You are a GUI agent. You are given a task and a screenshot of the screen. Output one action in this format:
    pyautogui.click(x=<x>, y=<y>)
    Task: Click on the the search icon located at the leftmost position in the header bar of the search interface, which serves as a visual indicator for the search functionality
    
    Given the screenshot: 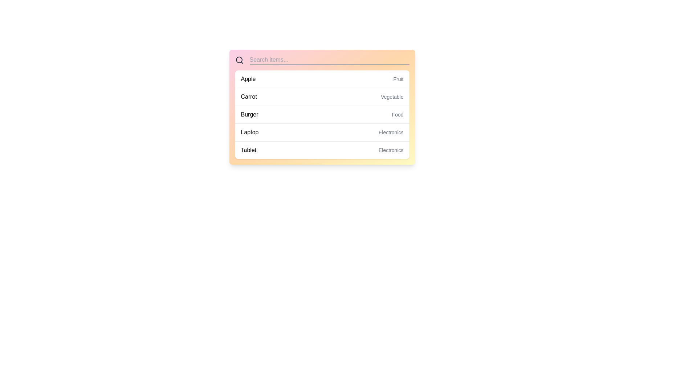 What is the action you would take?
    pyautogui.click(x=239, y=60)
    